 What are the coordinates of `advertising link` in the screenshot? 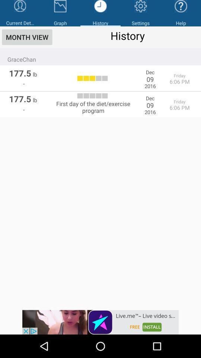 It's located at (100, 322).